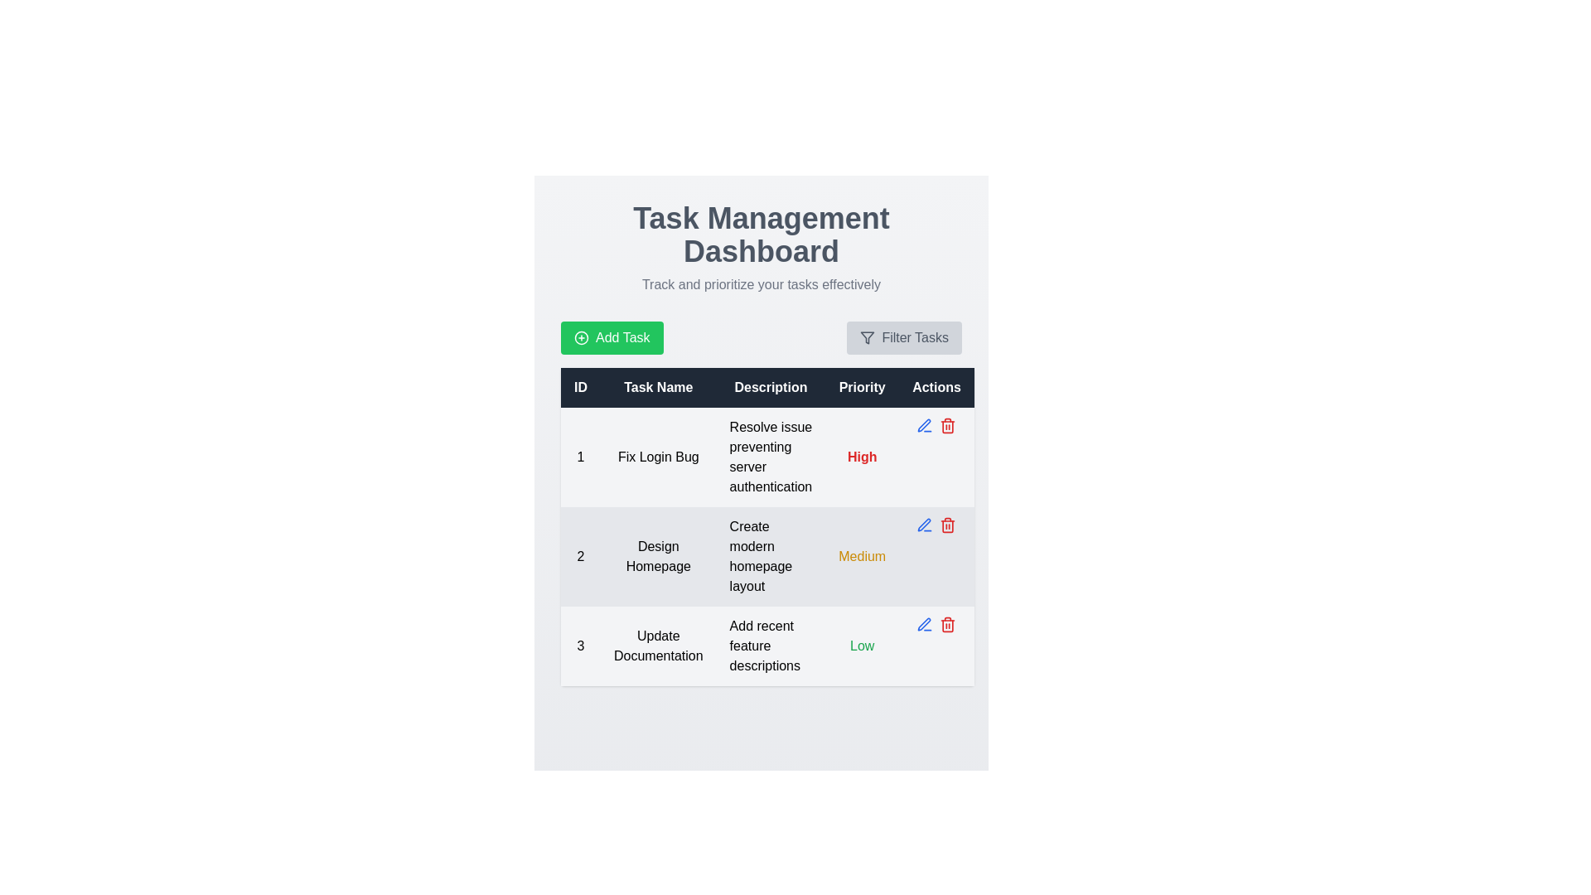 The width and height of the screenshot is (1591, 895). What do you see at coordinates (766, 457) in the screenshot?
I see `the first row in the task management table` at bounding box center [766, 457].